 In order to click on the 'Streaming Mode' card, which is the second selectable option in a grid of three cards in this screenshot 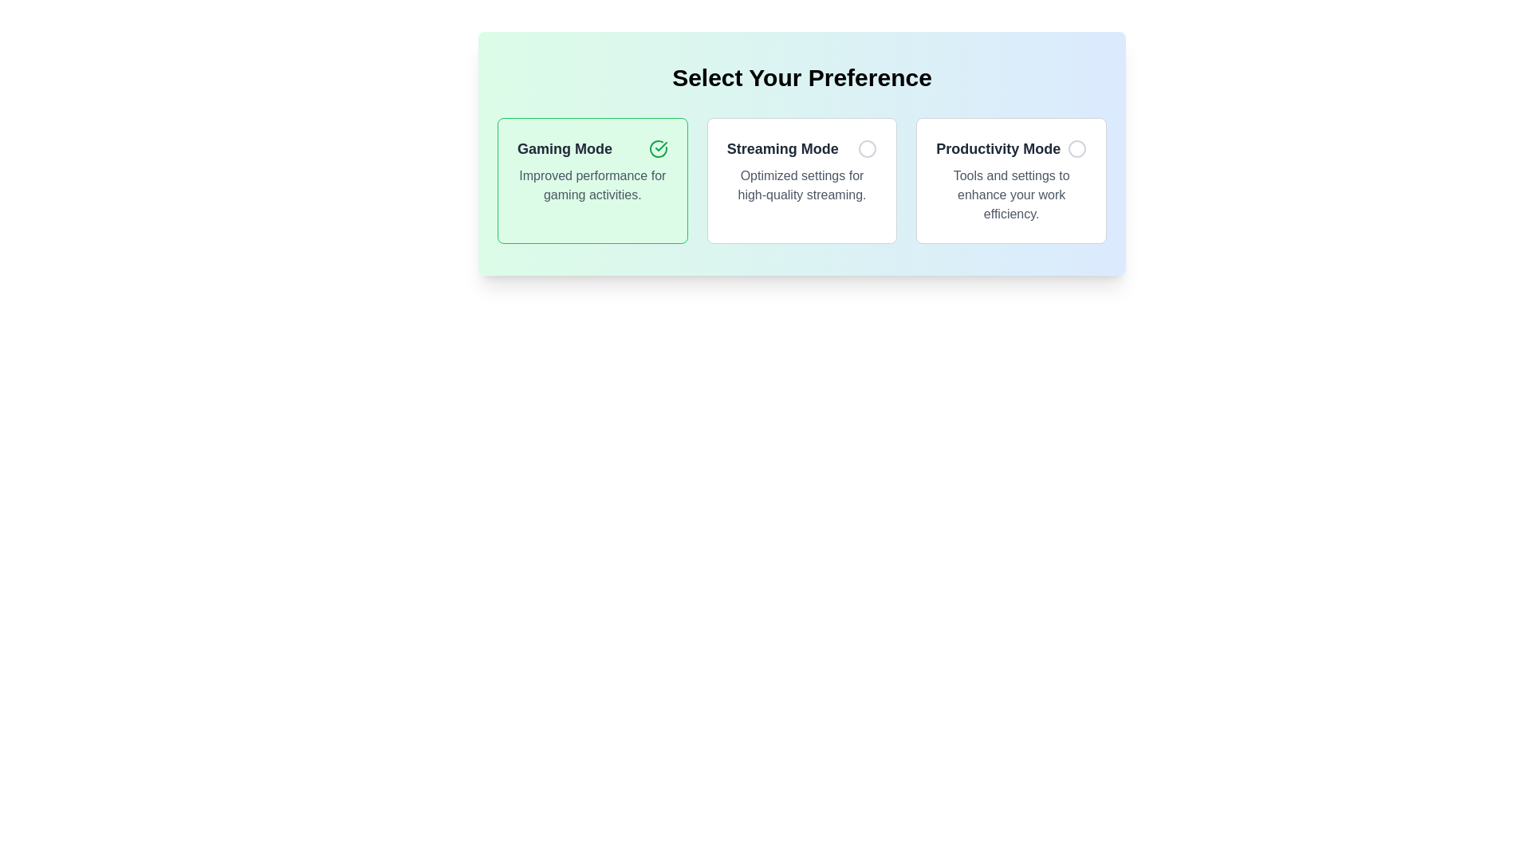, I will do `click(802, 180)`.